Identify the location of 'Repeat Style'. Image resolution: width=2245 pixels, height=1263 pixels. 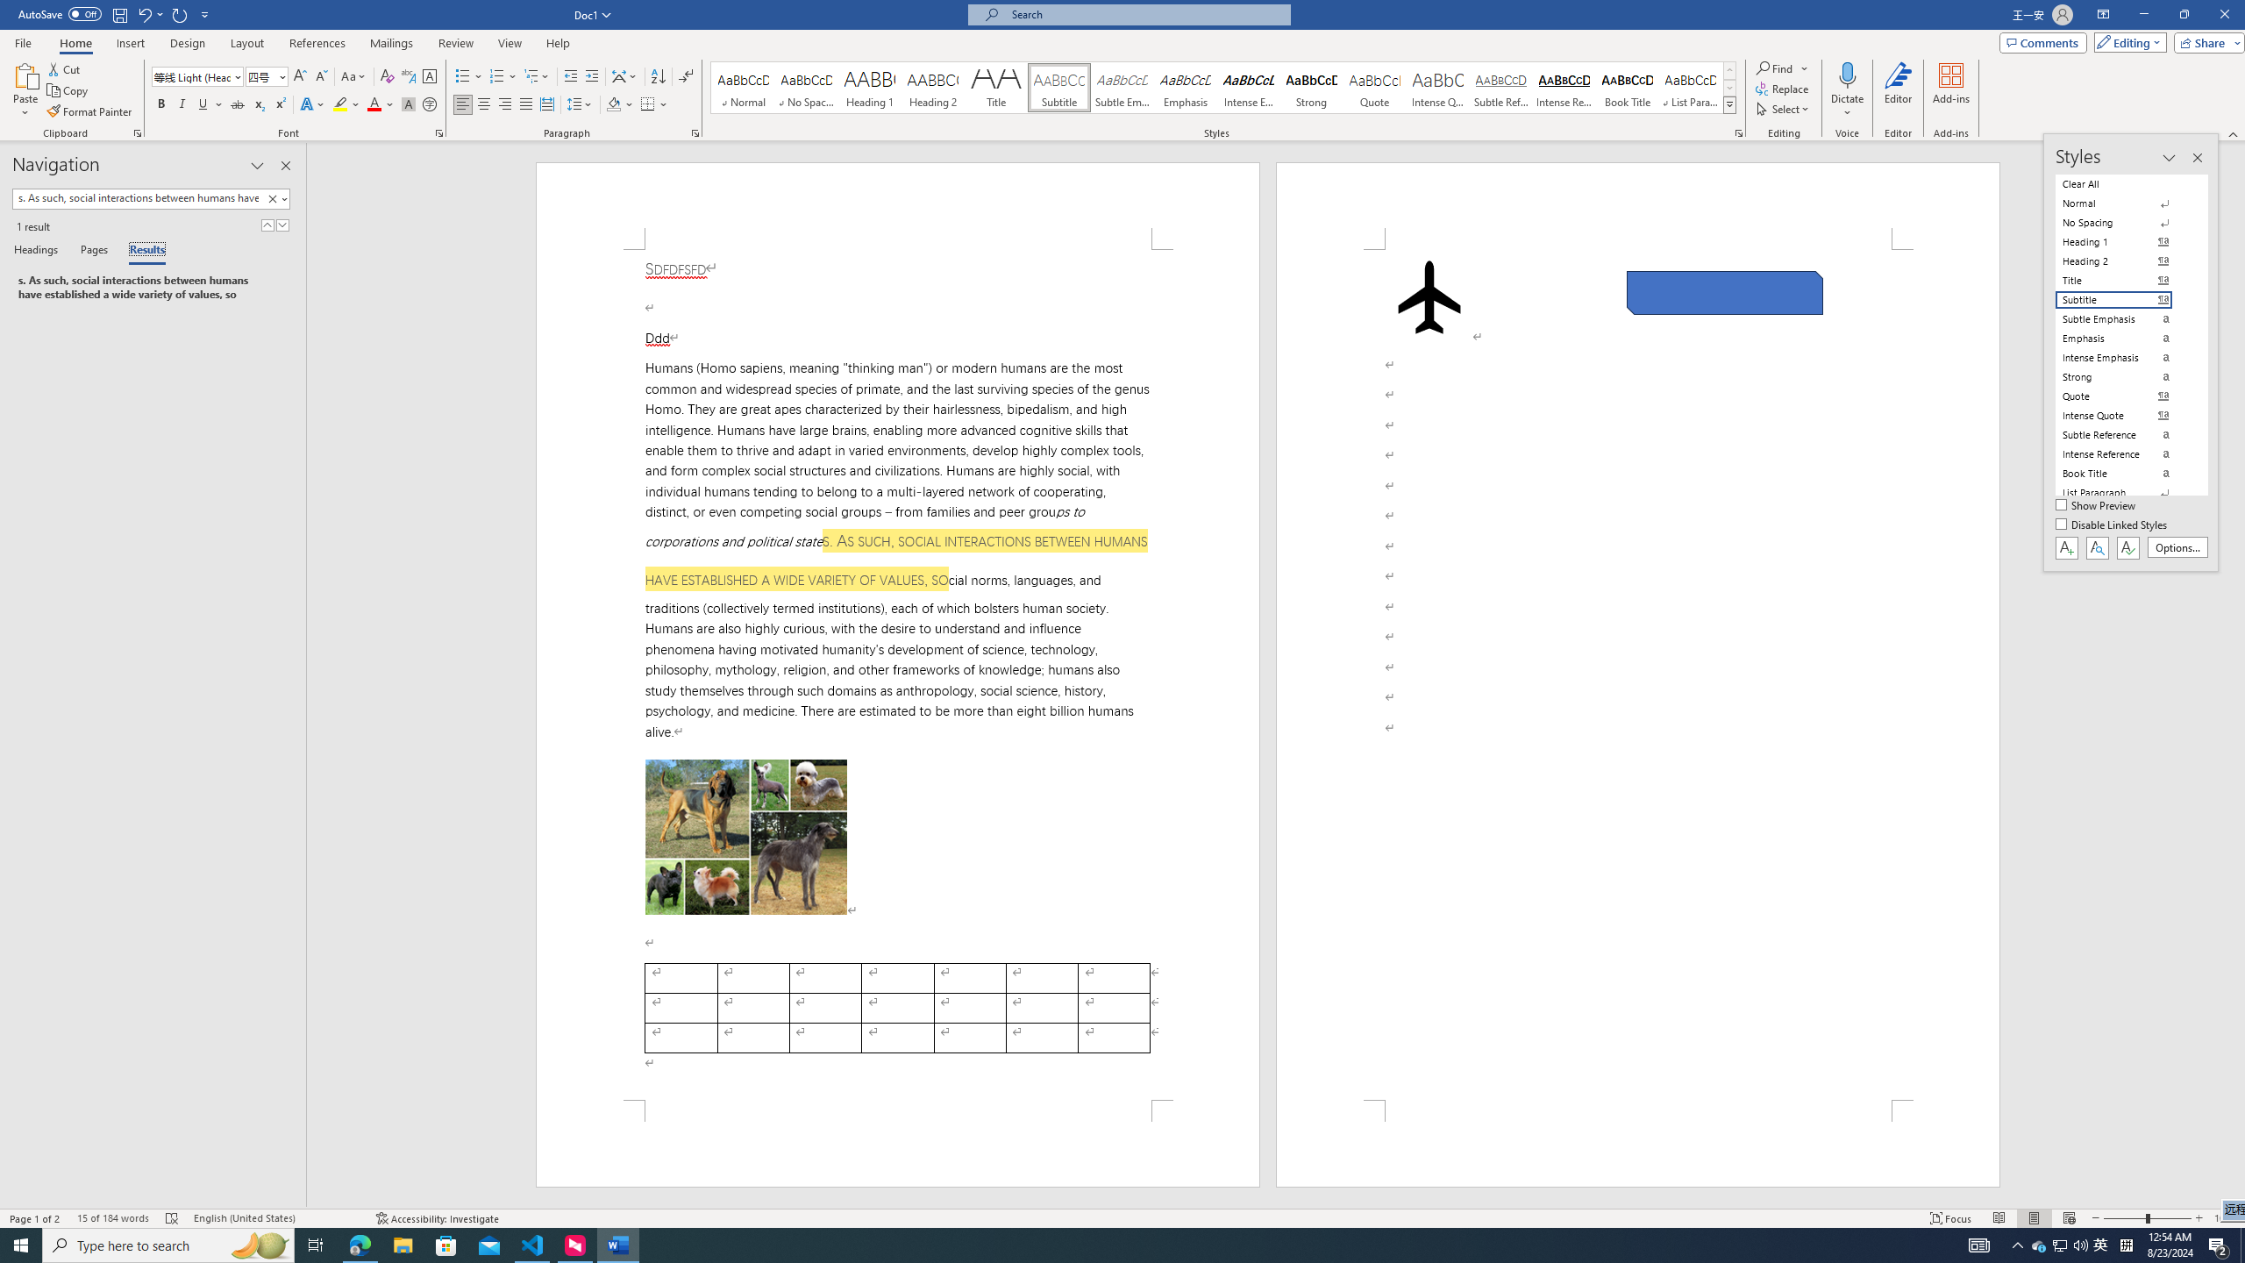
(180, 13).